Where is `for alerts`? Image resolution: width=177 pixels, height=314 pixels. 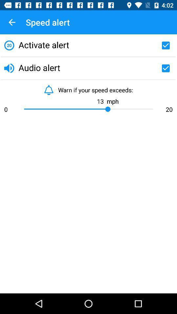 for alerts is located at coordinates (165, 45).